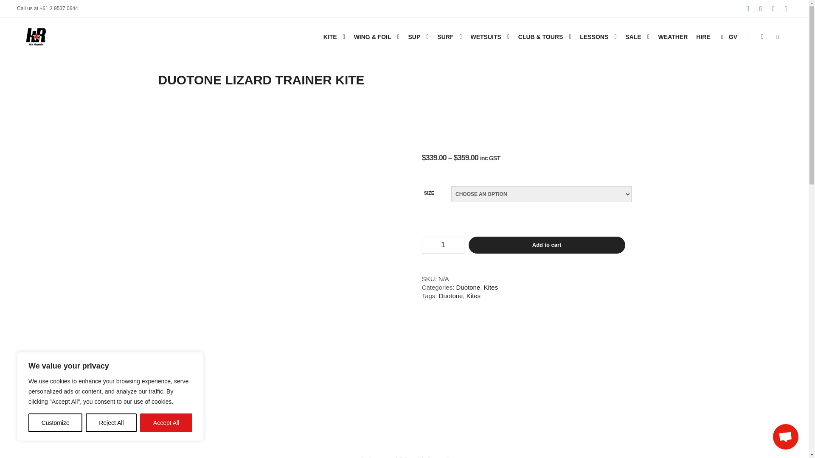 The width and height of the screenshot is (815, 458). Describe the element at coordinates (484, 287) in the screenshot. I see `'Kites'` at that location.